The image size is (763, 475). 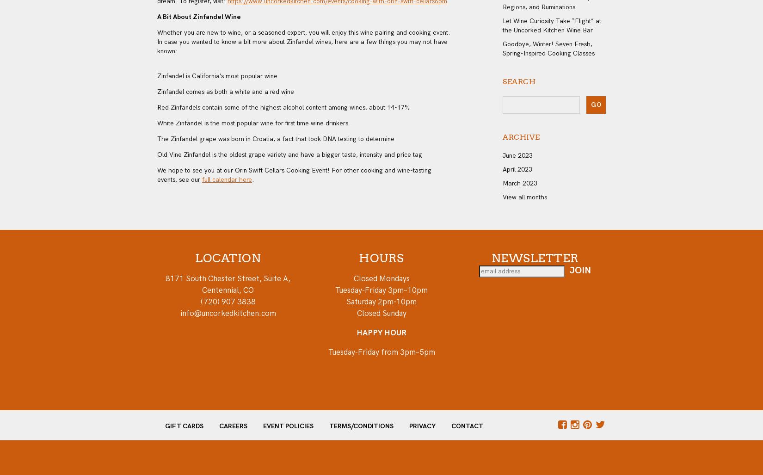 What do you see at coordinates (283, 107) in the screenshot?
I see `'Red Zinfandels contain some of the highest alcohol content among wines, about 14-17%'` at bounding box center [283, 107].